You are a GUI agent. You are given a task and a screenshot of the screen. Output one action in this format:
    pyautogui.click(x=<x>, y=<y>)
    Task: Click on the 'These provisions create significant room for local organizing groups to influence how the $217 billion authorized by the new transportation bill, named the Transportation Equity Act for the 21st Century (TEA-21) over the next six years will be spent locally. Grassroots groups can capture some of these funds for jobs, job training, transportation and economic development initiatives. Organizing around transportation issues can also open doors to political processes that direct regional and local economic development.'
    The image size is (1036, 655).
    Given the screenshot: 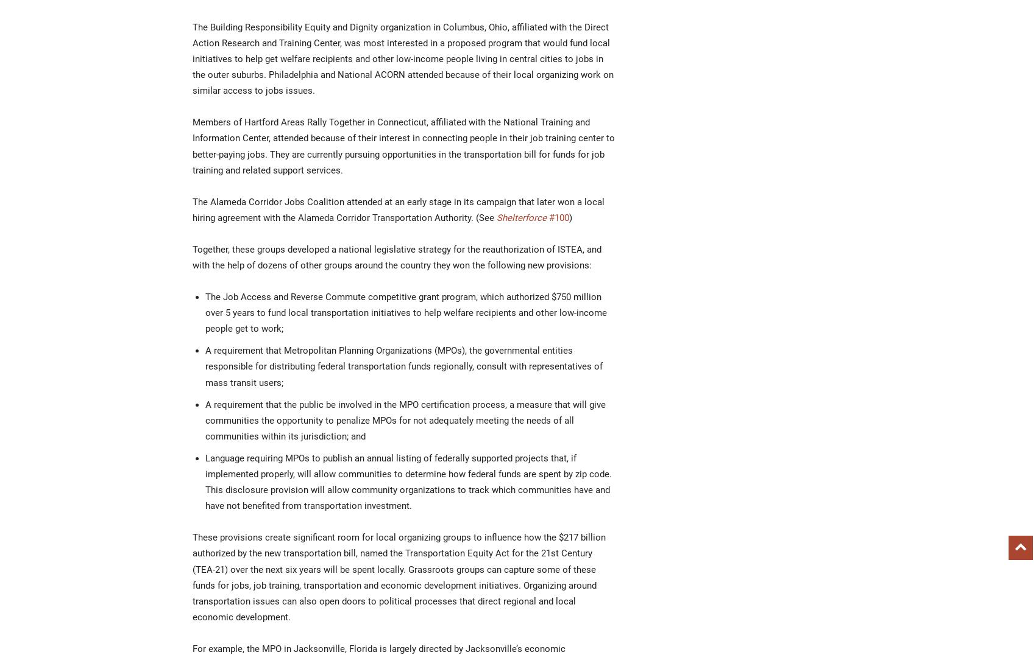 What is the action you would take?
    pyautogui.click(x=399, y=576)
    